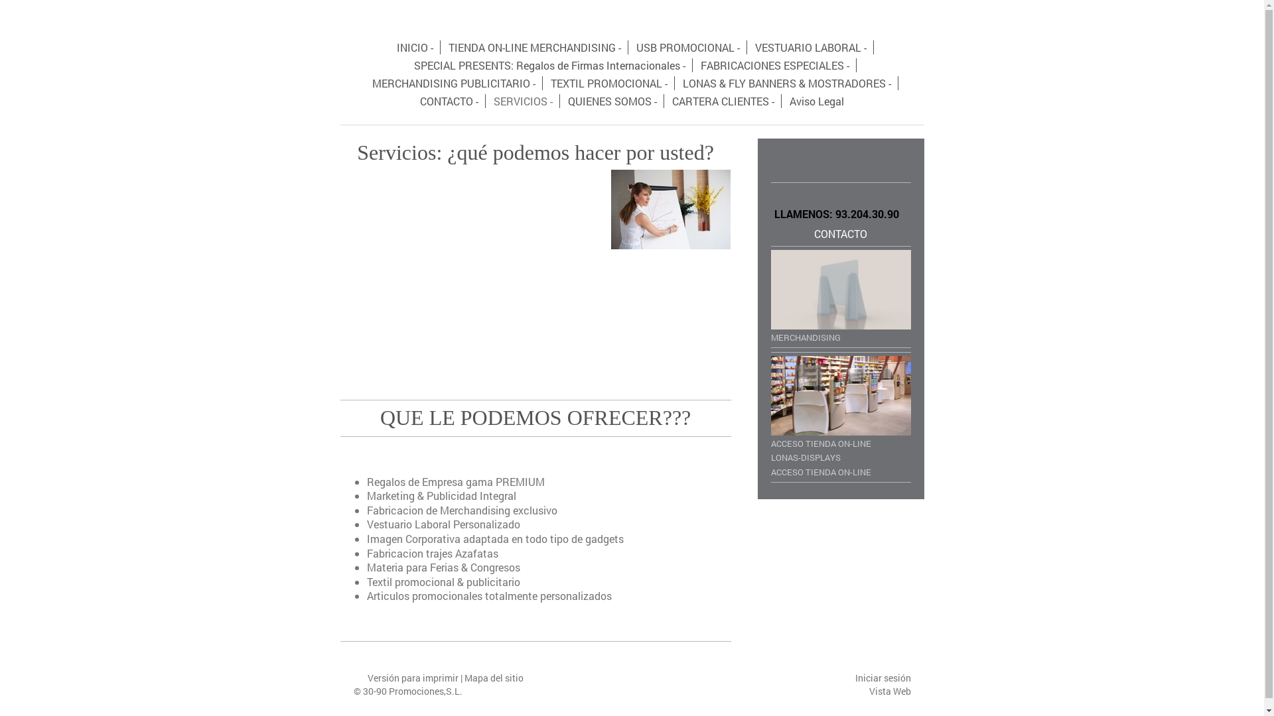 The height and width of the screenshot is (716, 1274). Describe the element at coordinates (550, 65) in the screenshot. I see `'SPECIAL PRESENTS: Regalos de Firmas Internacionales -'` at that location.